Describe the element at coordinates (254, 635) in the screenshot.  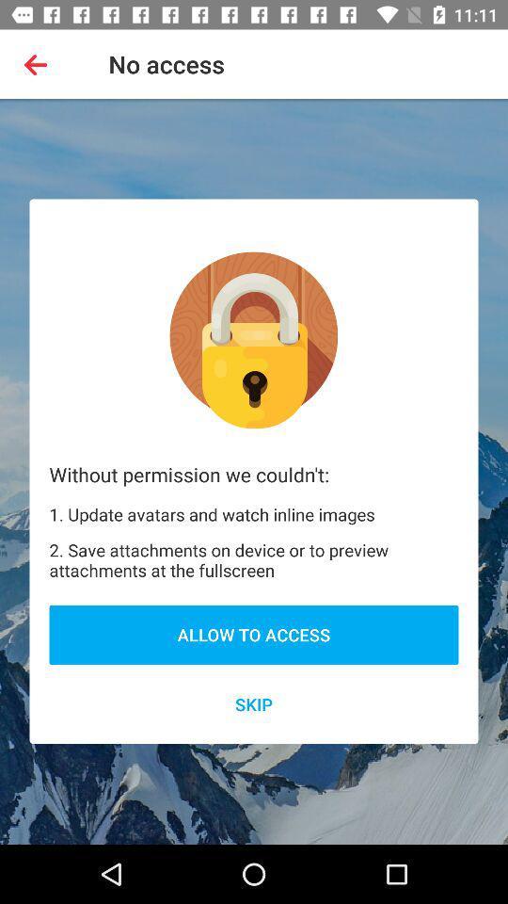
I see `icon below the 2 save attachments item` at that location.